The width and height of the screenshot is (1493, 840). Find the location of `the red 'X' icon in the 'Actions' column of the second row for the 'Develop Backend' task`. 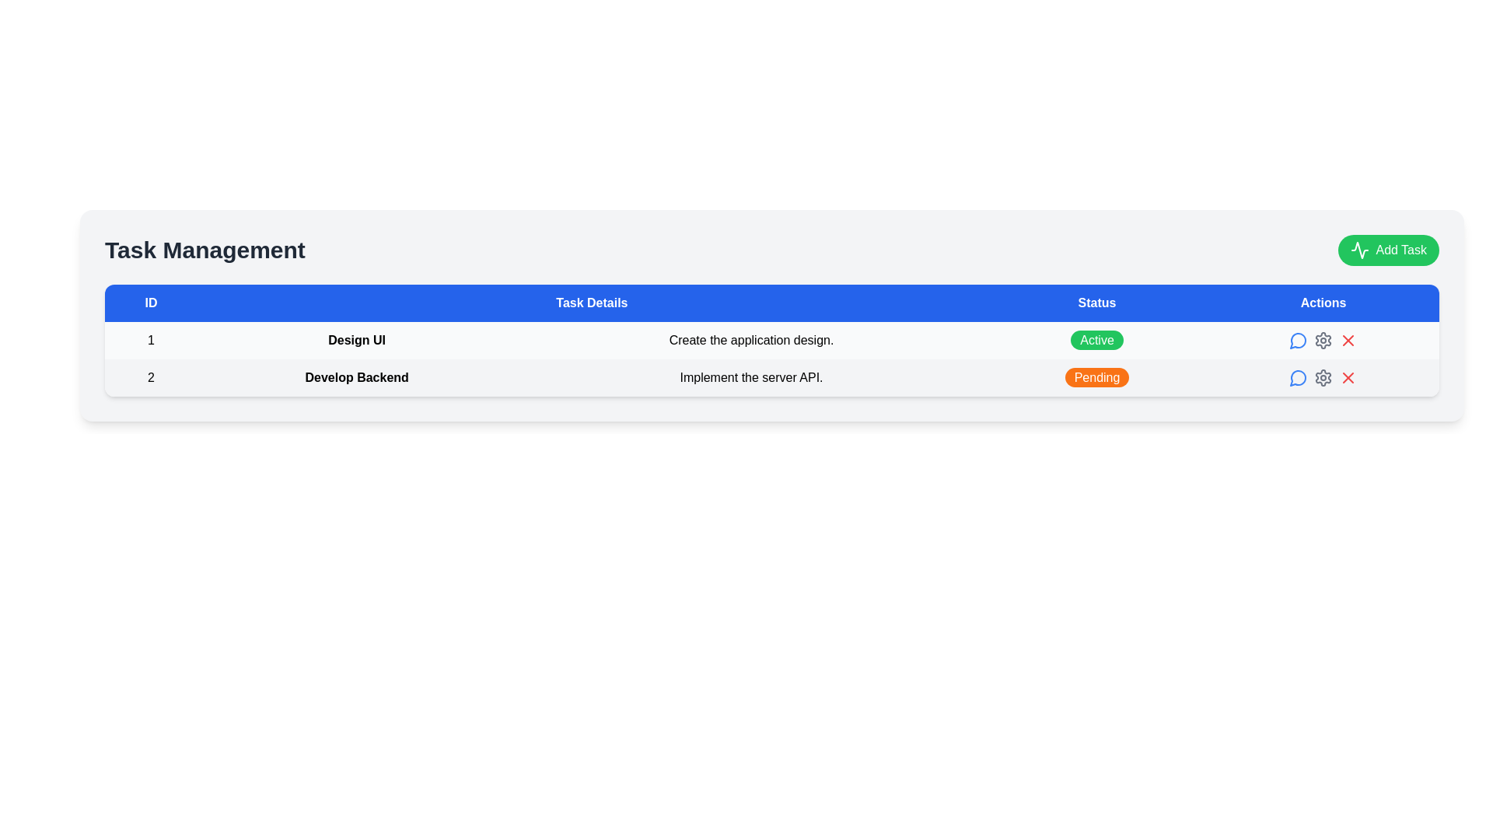

the red 'X' icon in the 'Actions' column of the second row for the 'Develop Backend' task is located at coordinates (1348, 340).